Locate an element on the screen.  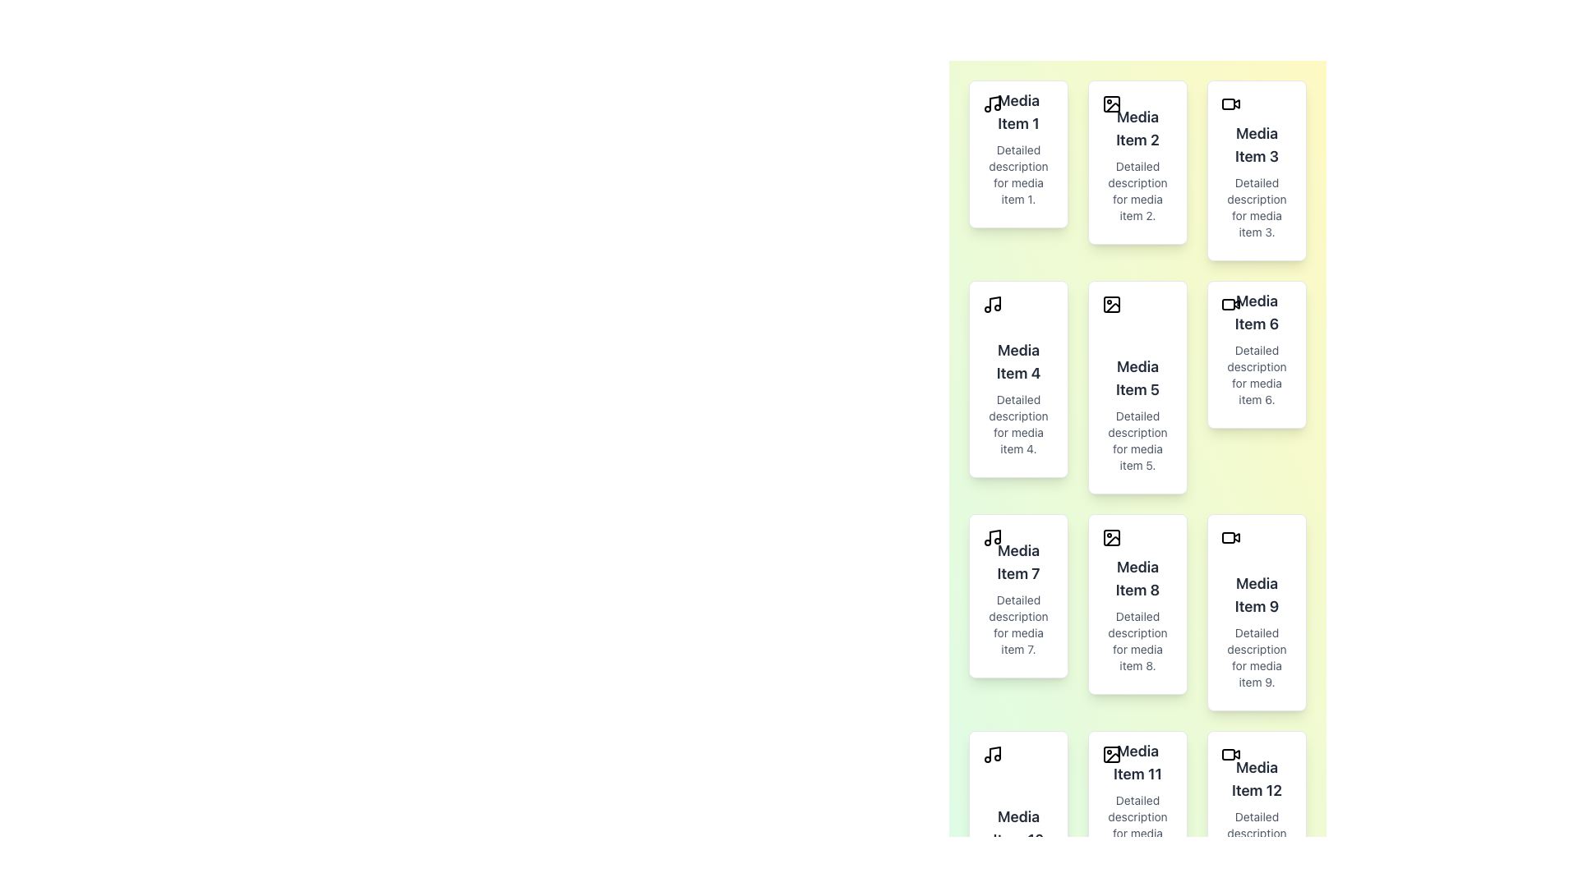
the music icon located in the top-left corner of the card labeled 'Media Item 4', which is in the second row, first column of the grid layout is located at coordinates (992, 304).